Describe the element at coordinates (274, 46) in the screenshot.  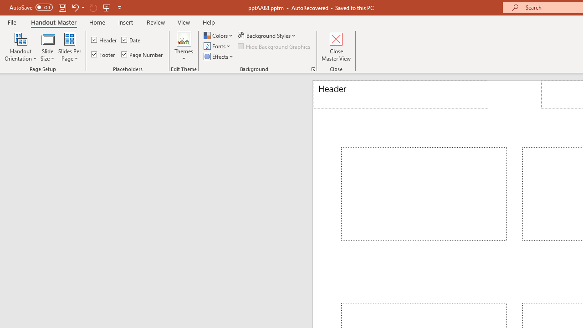
I see `'Hide Background Graphics'` at that location.